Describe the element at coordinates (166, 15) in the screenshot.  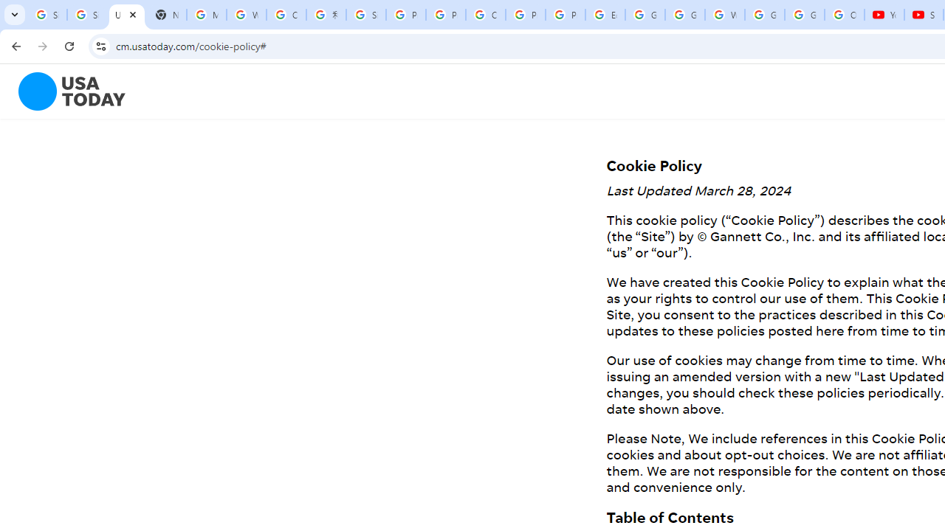
I see `'New Tab'` at that location.